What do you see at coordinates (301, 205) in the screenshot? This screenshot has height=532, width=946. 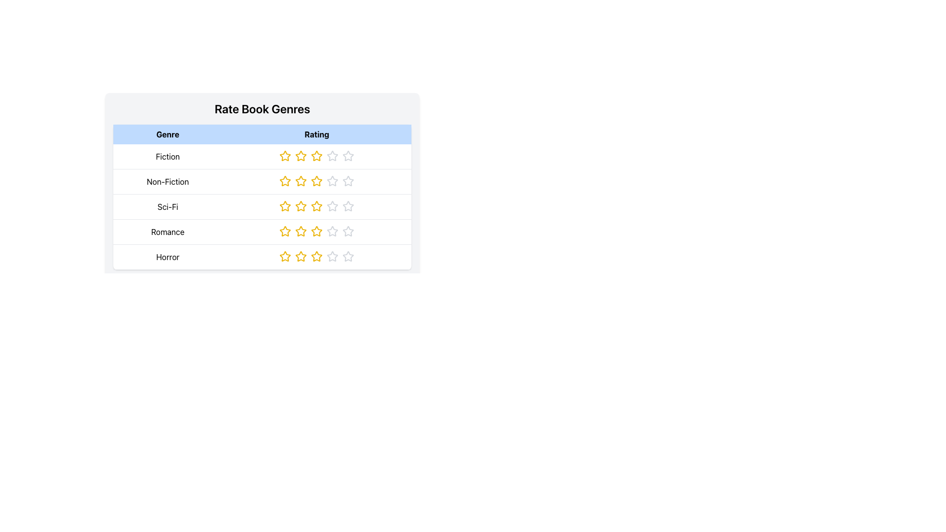 I see `the third interactive rating star in the 'Sci-Fi' row of the rating interface` at bounding box center [301, 205].